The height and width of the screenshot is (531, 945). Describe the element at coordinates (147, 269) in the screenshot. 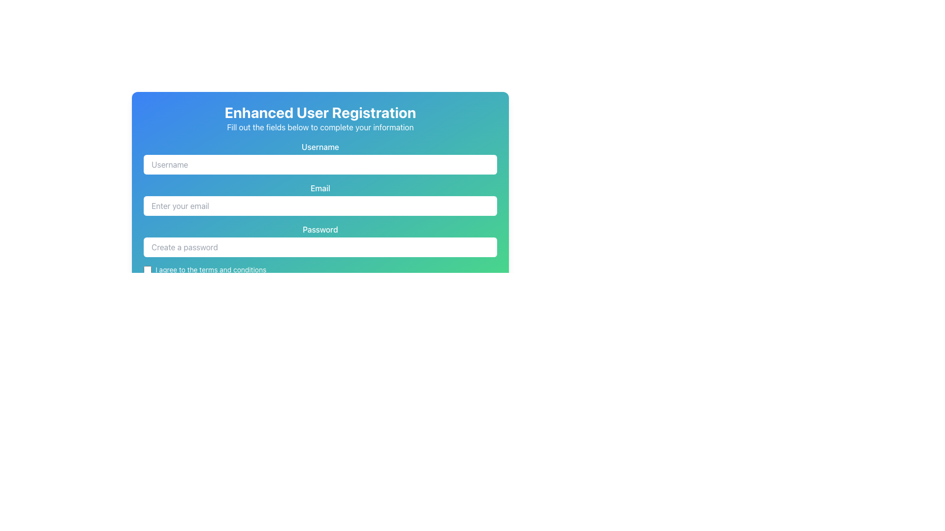

I see `the blue square checkbox located to the left of the text 'I agree to the terms and conditions' to check or uncheck it` at that location.